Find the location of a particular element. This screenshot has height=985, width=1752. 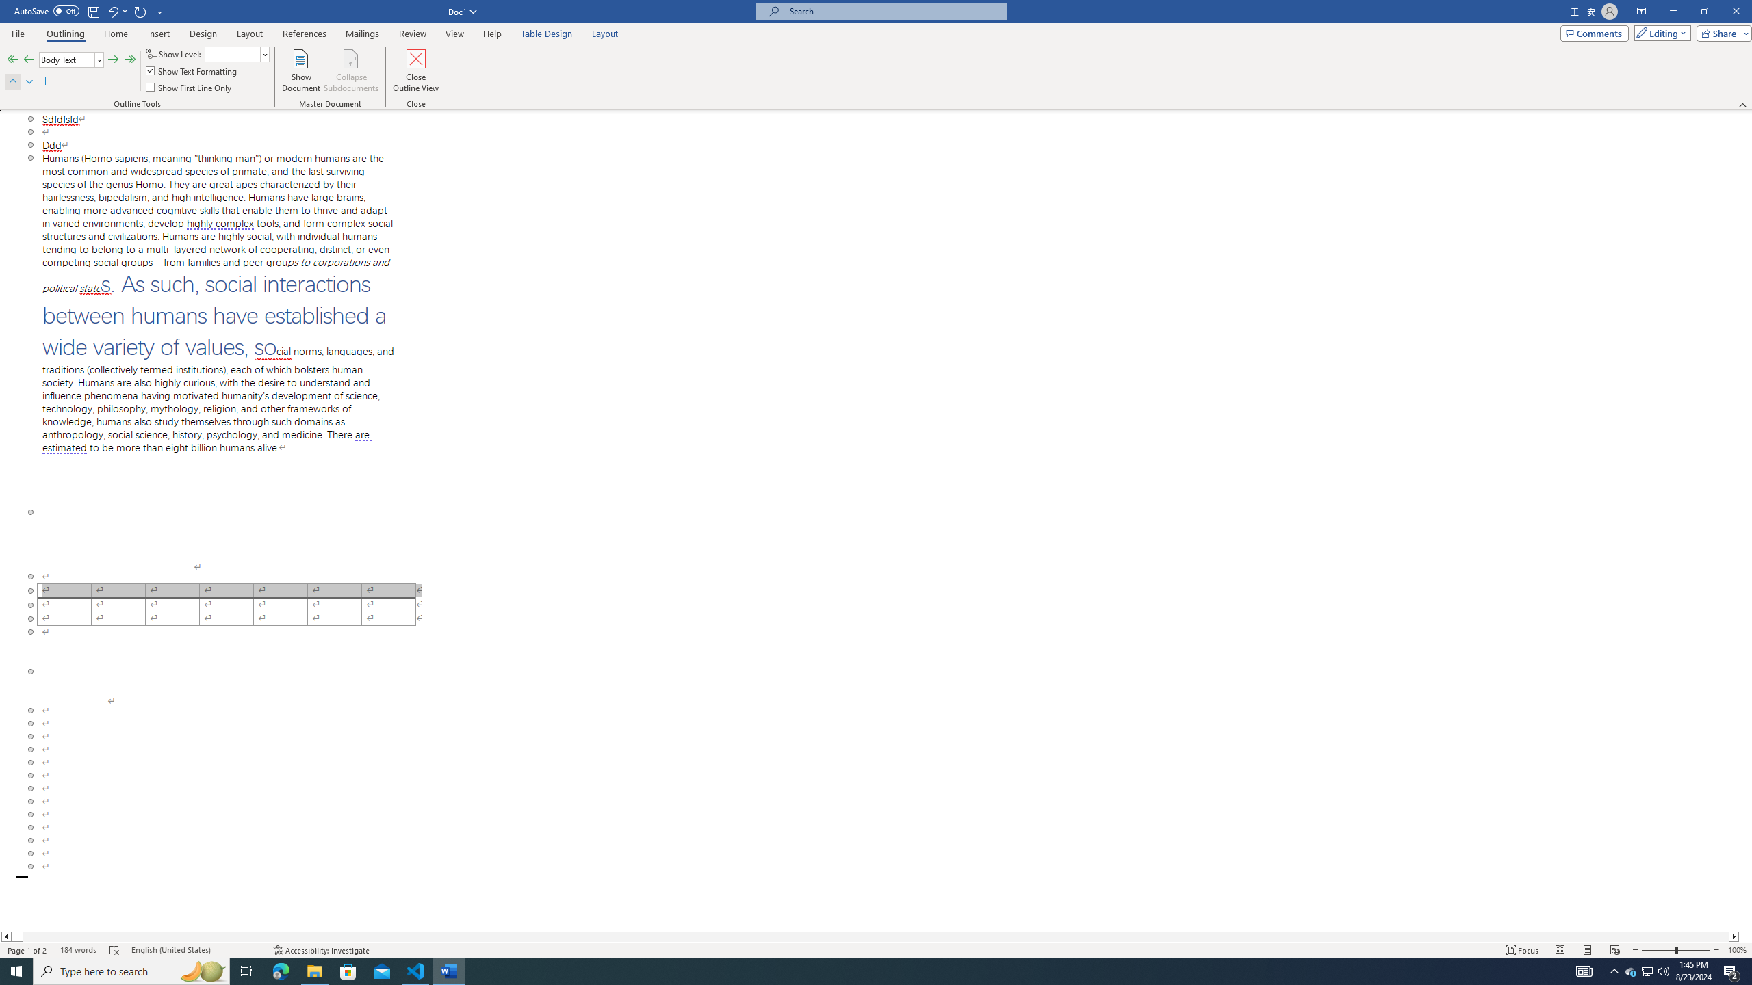

'Review' is located at coordinates (412, 34).